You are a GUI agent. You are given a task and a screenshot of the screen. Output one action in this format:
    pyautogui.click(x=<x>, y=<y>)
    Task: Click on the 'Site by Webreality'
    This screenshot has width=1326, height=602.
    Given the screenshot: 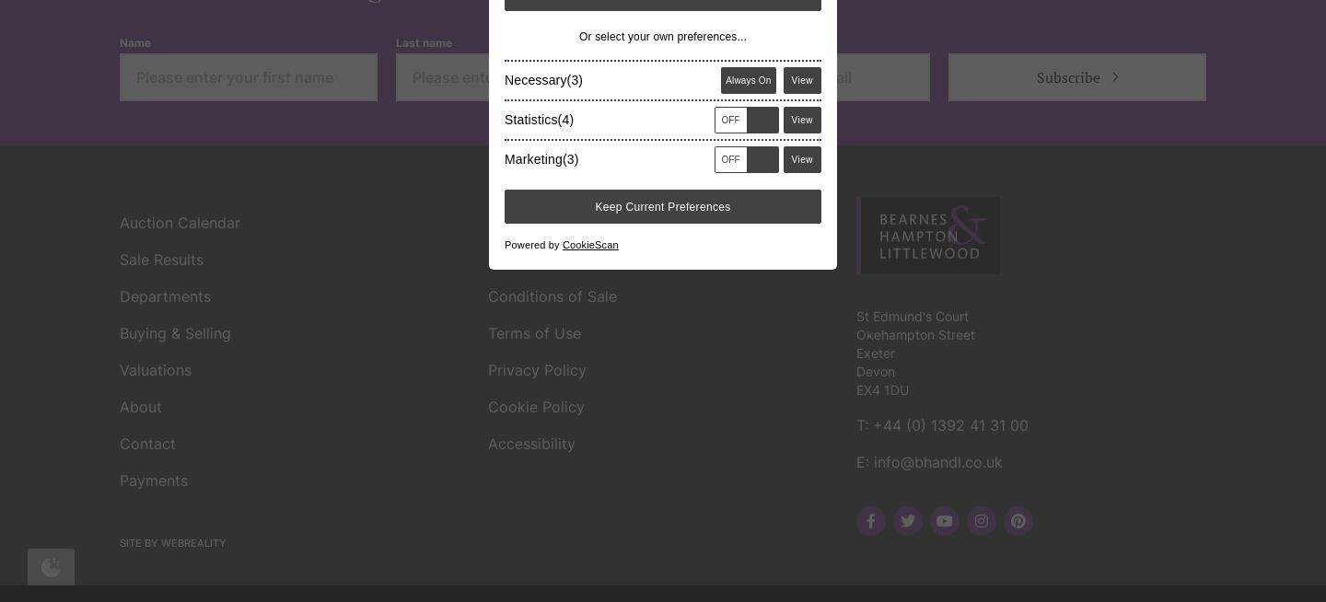 What is the action you would take?
    pyautogui.click(x=119, y=275)
    